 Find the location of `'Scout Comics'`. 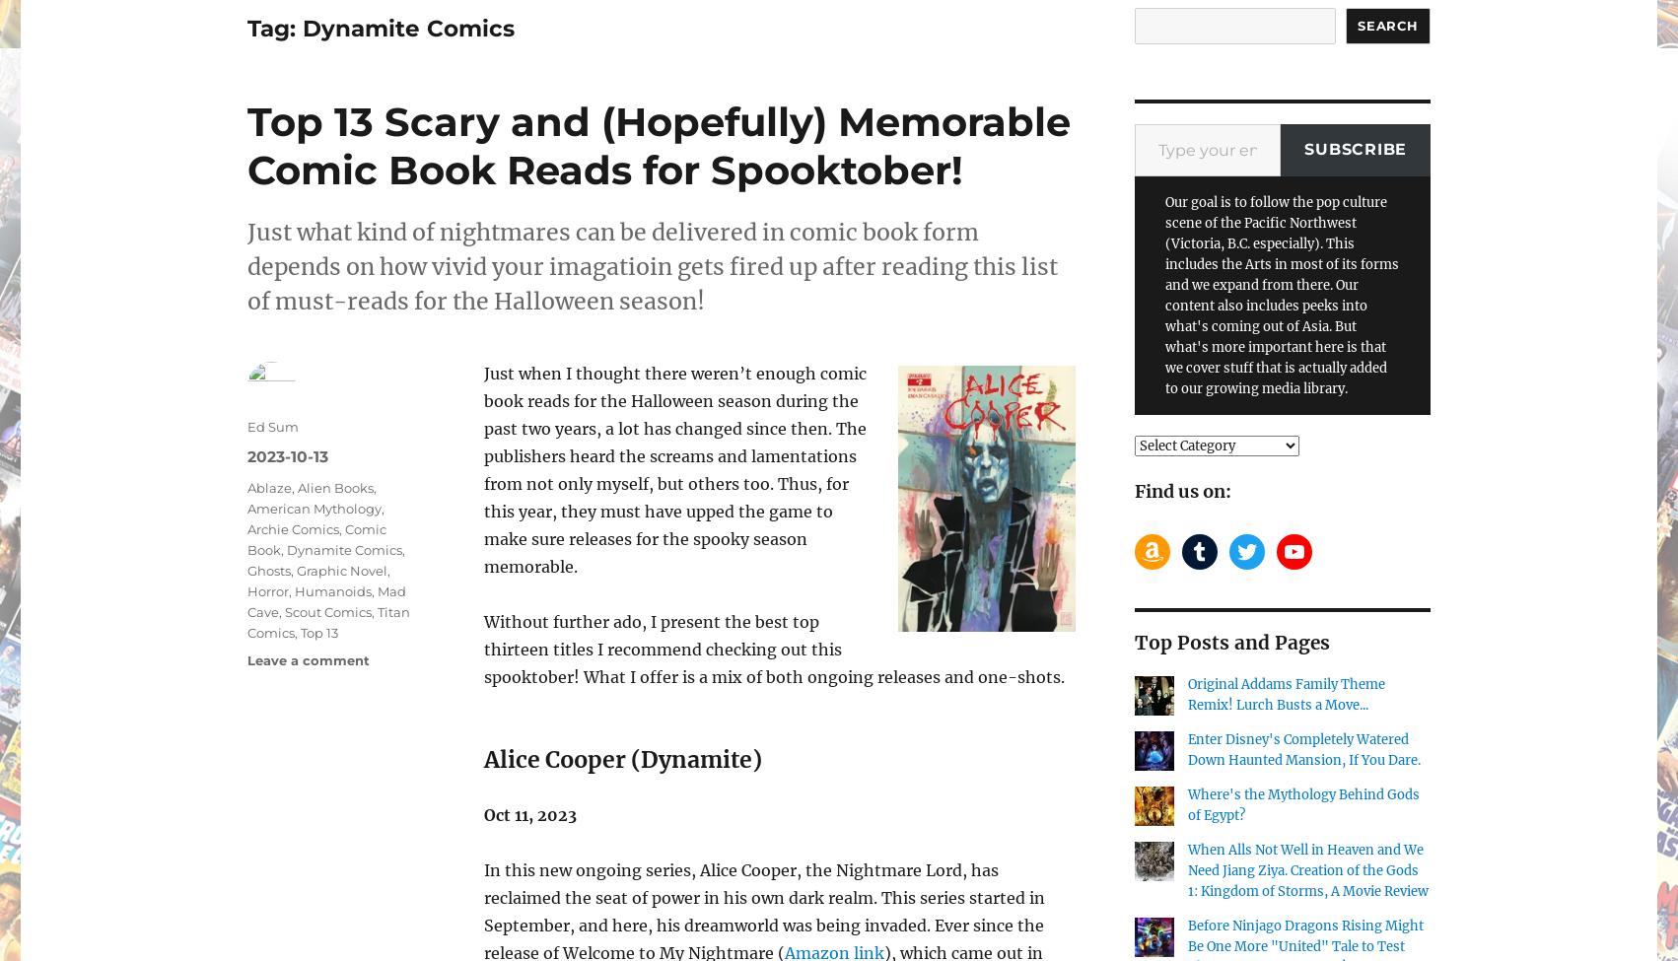

'Scout Comics' is located at coordinates (328, 611).